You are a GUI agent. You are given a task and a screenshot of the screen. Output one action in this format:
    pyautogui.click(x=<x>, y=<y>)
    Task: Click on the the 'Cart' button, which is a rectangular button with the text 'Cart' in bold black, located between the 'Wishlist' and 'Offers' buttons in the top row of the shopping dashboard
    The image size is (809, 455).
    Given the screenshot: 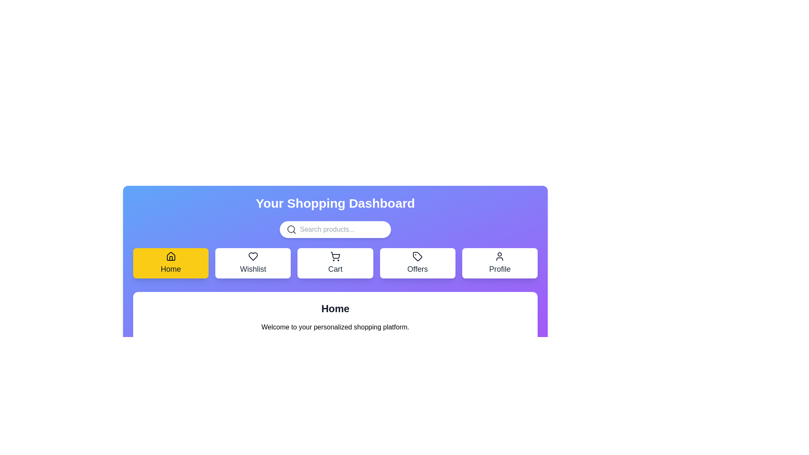 What is the action you would take?
    pyautogui.click(x=335, y=262)
    